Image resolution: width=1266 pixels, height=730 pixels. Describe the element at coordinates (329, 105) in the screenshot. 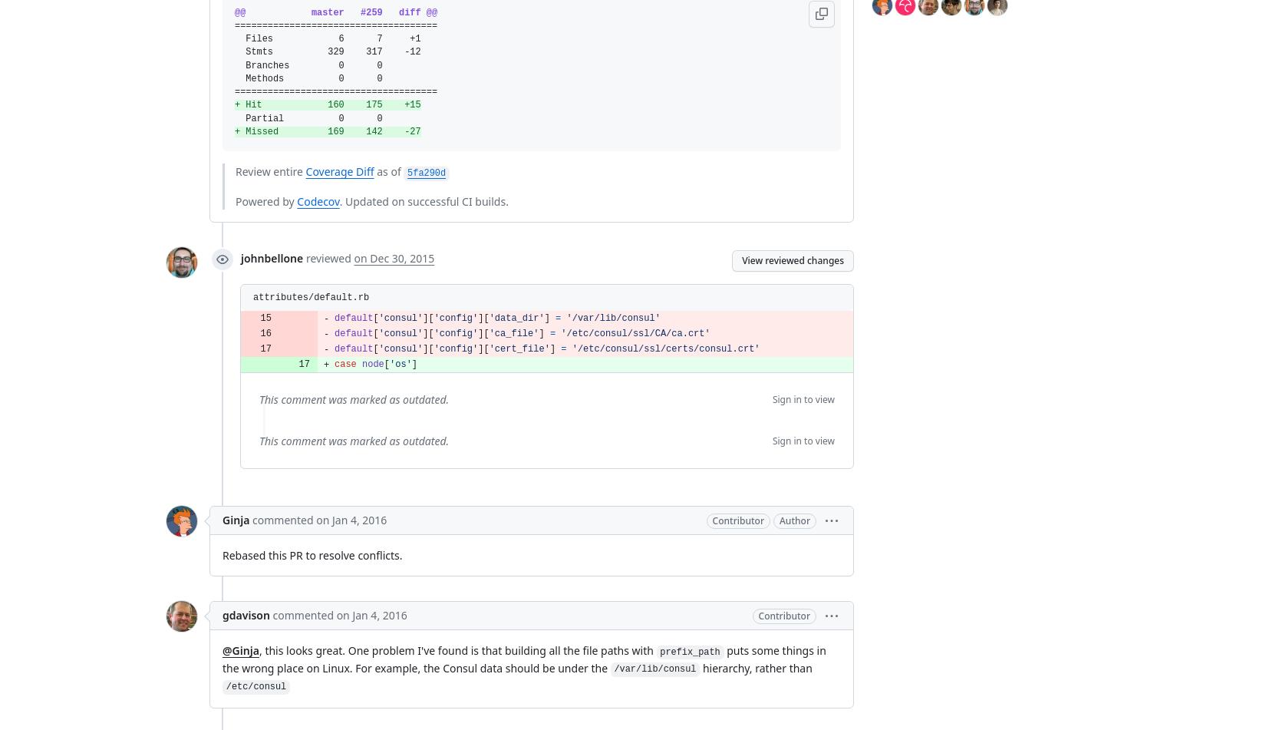

I see `'Hit            160    175    +15'` at that location.